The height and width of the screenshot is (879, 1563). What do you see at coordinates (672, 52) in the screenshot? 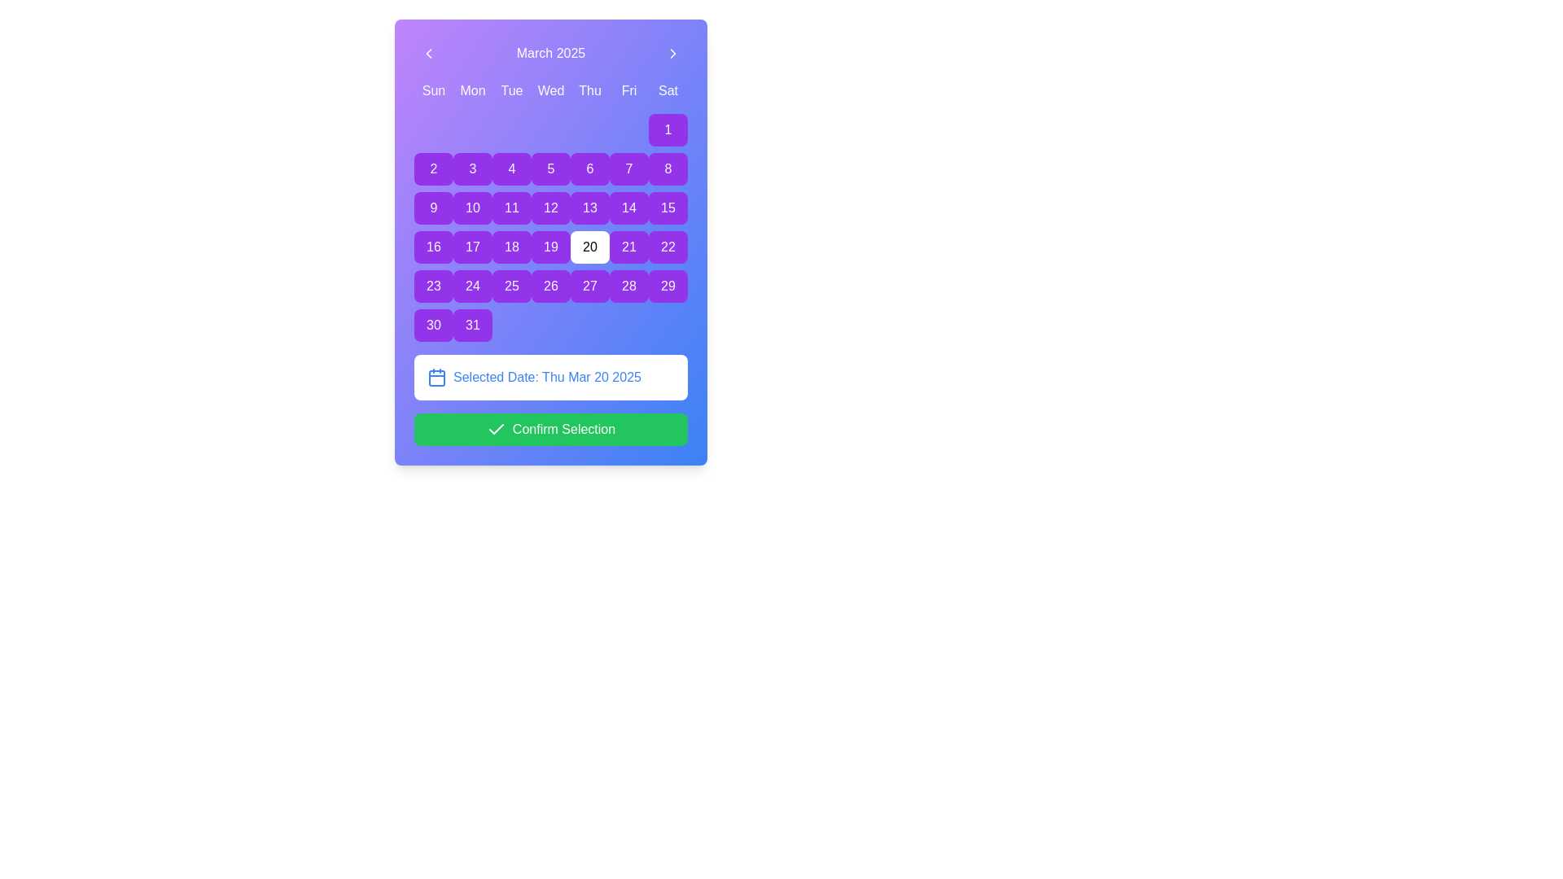
I see `the chevron icon pointing to the right located in the top-right corner of the calendar interface next to 'March 2025'` at bounding box center [672, 52].